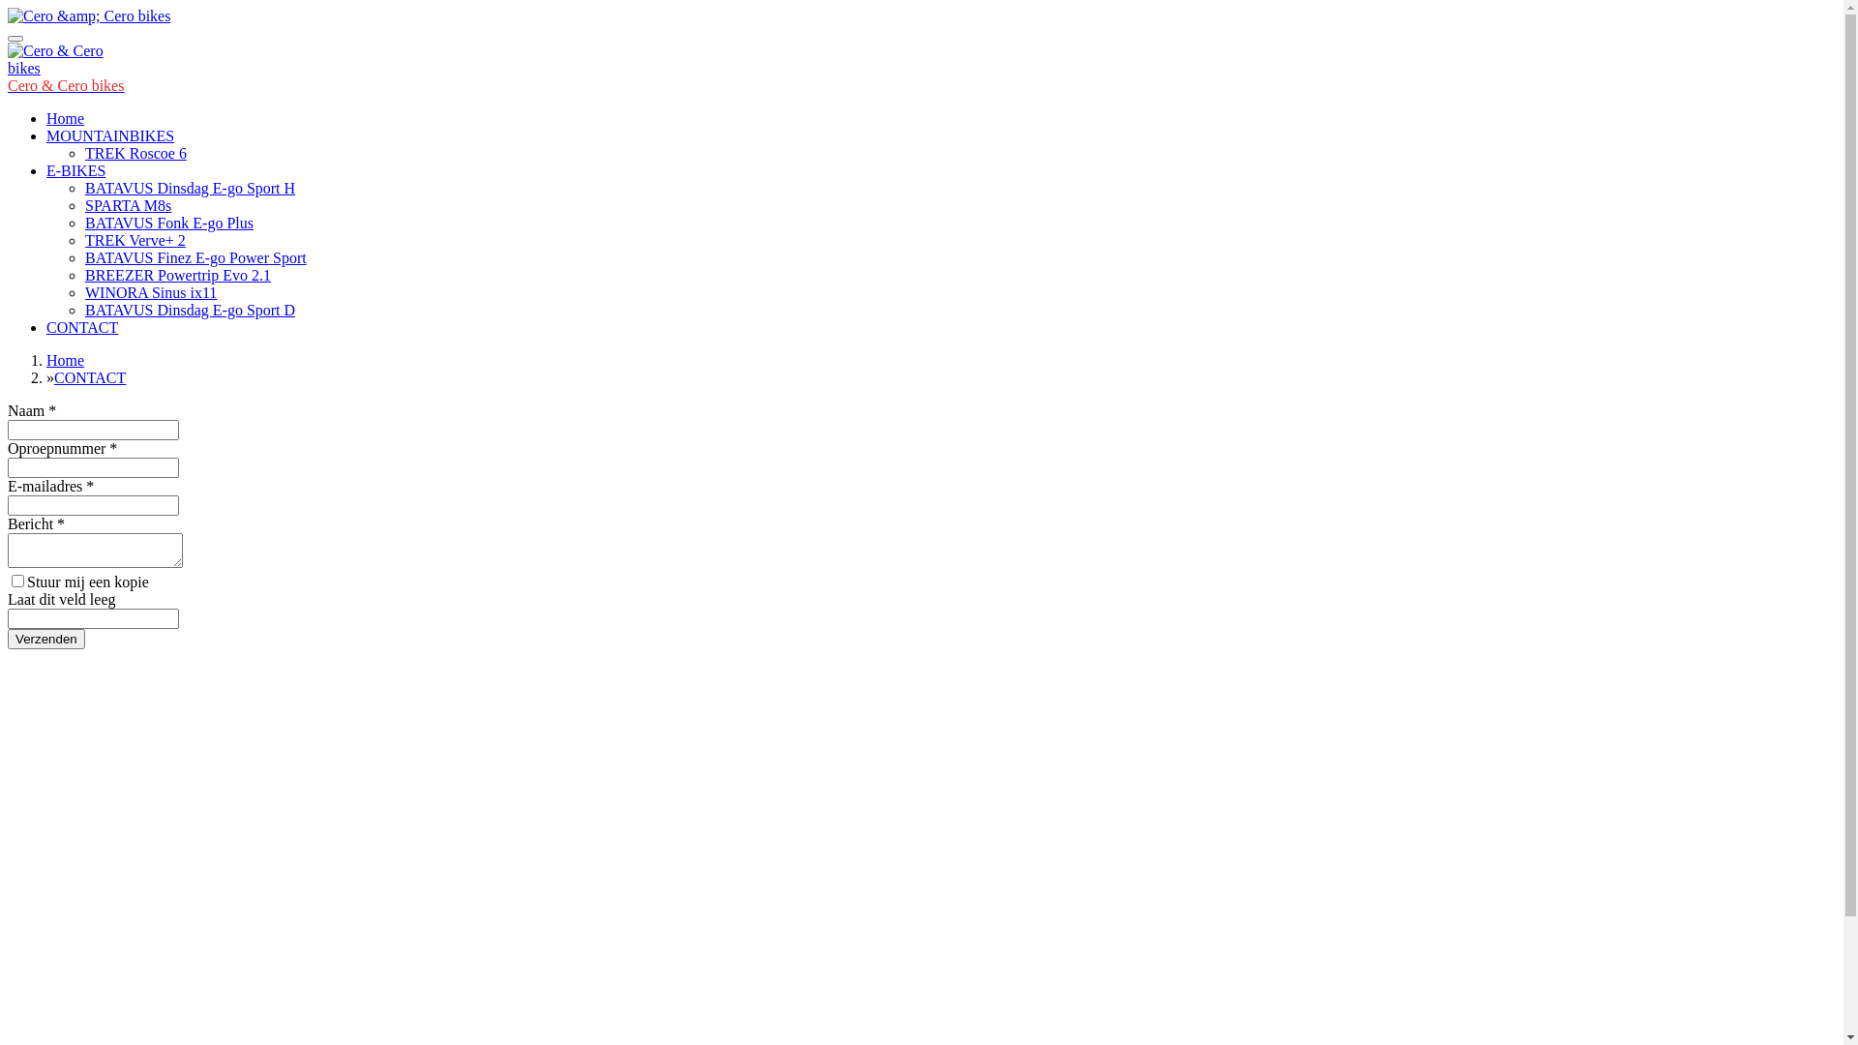 This screenshot has width=1858, height=1045. I want to click on 'CONTACT', so click(81, 326).